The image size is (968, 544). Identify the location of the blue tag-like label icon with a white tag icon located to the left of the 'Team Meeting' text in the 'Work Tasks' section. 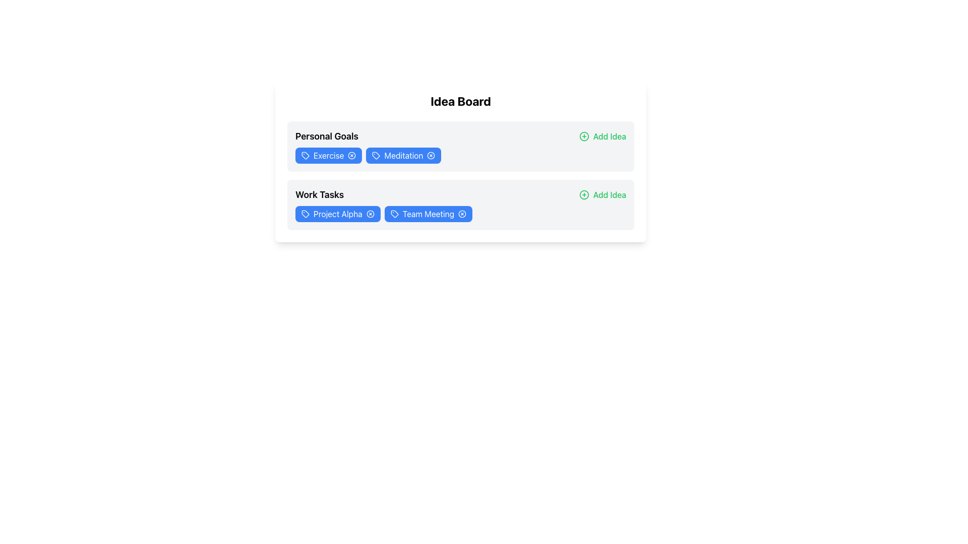
(394, 213).